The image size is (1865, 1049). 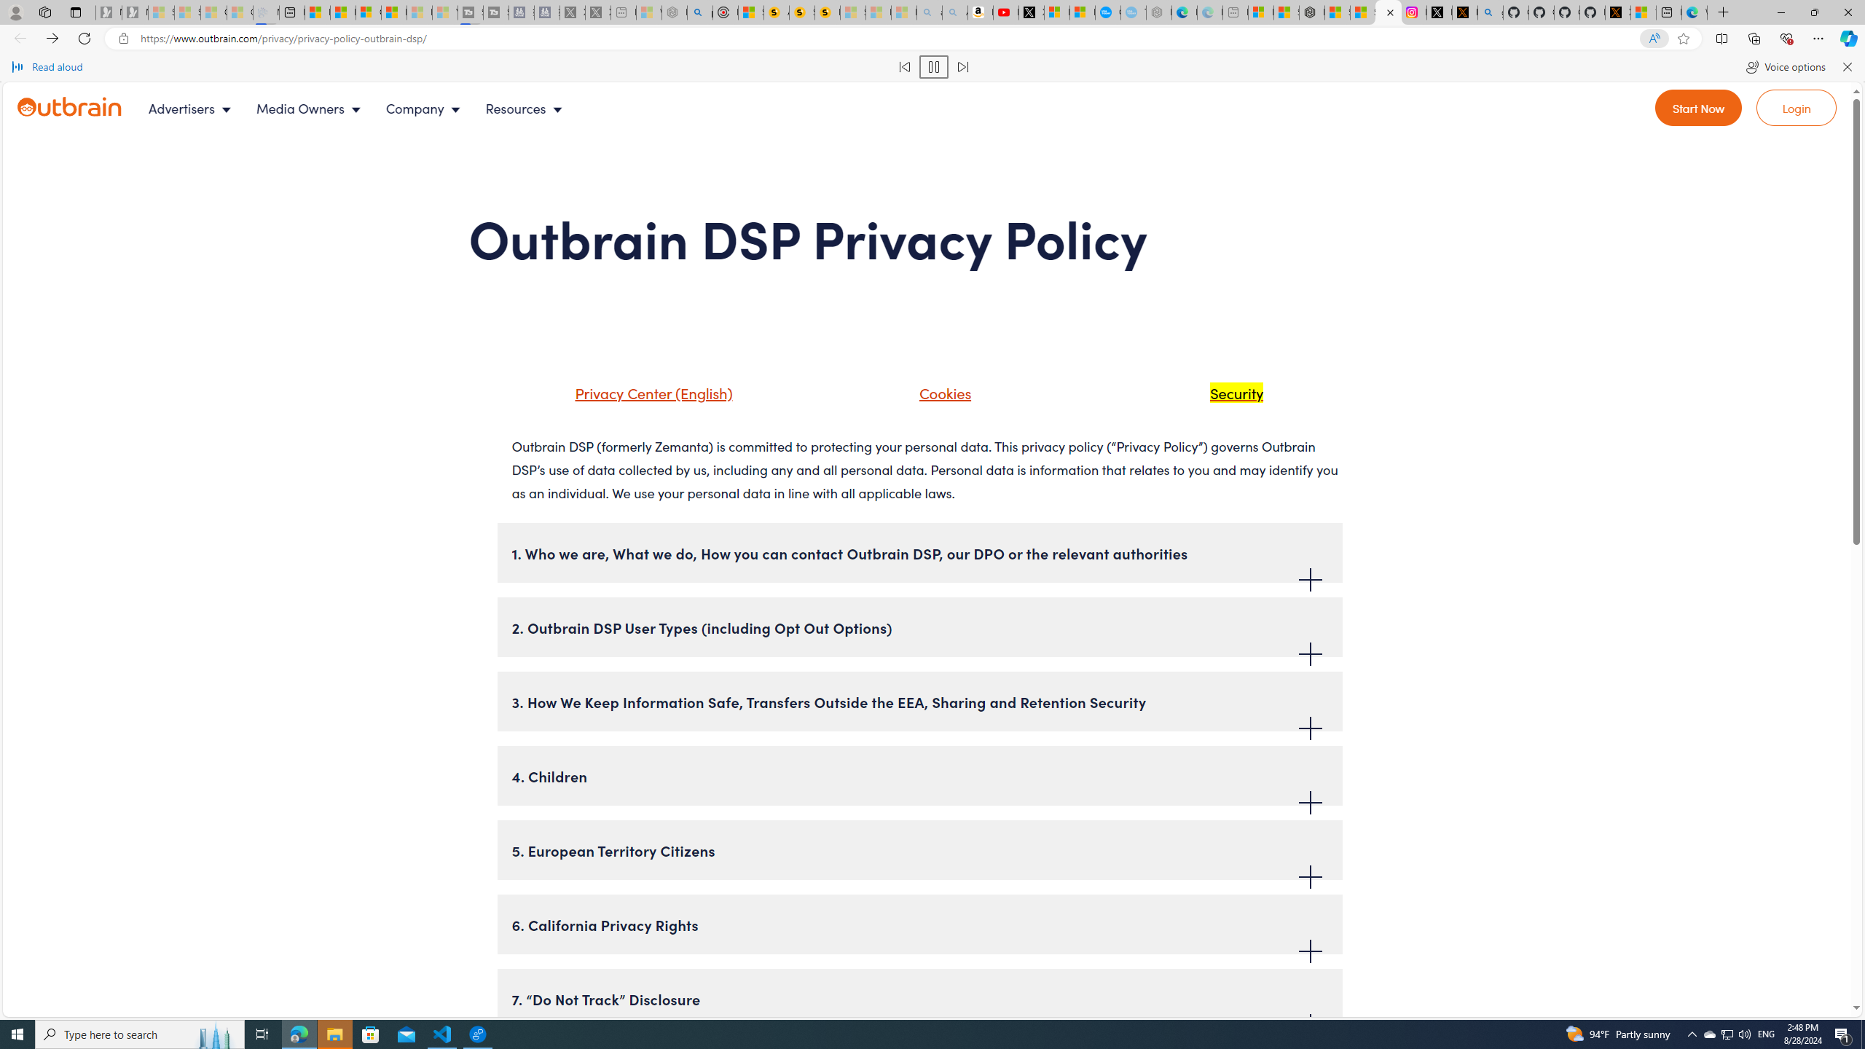 What do you see at coordinates (597, 12) in the screenshot?
I see `'X - Sleeping'` at bounding box center [597, 12].